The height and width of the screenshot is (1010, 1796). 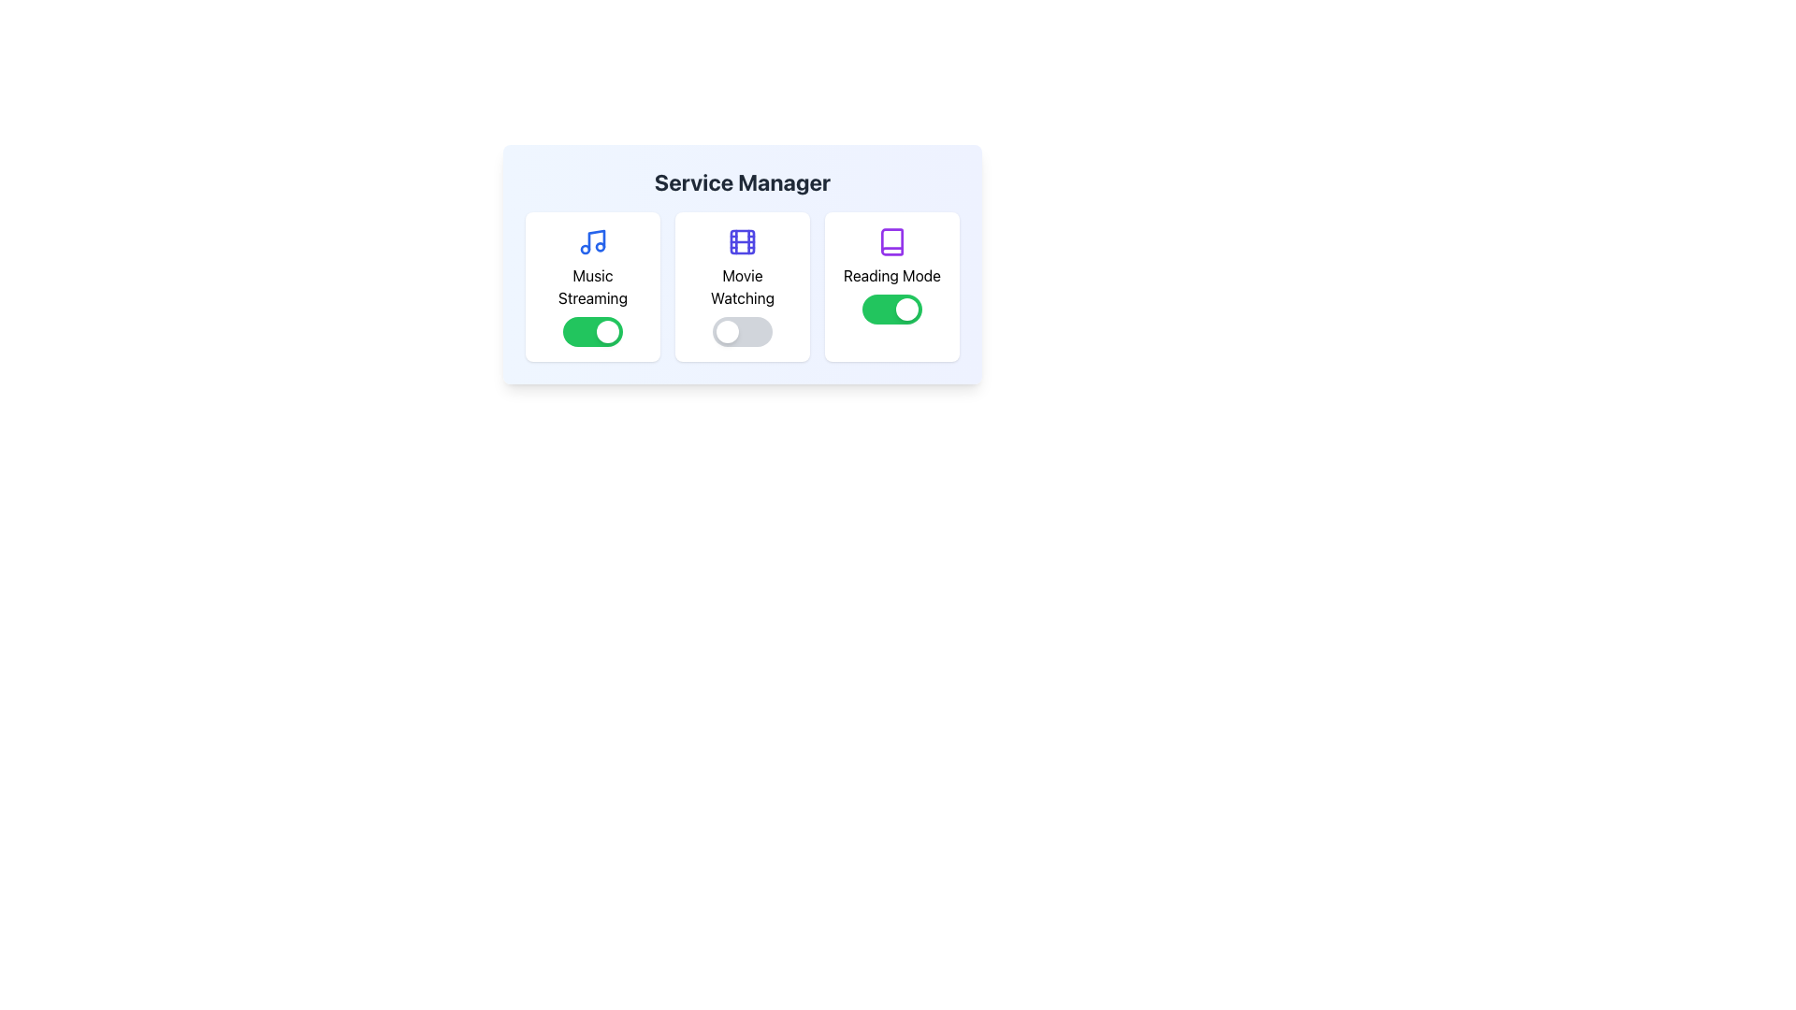 What do you see at coordinates (741, 287) in the screenshot?
I see `the 'Movie Watching' text label located centrally in the middle card of the three-card layout under the 'Service Manager' header` at bounding box center [741, 287].